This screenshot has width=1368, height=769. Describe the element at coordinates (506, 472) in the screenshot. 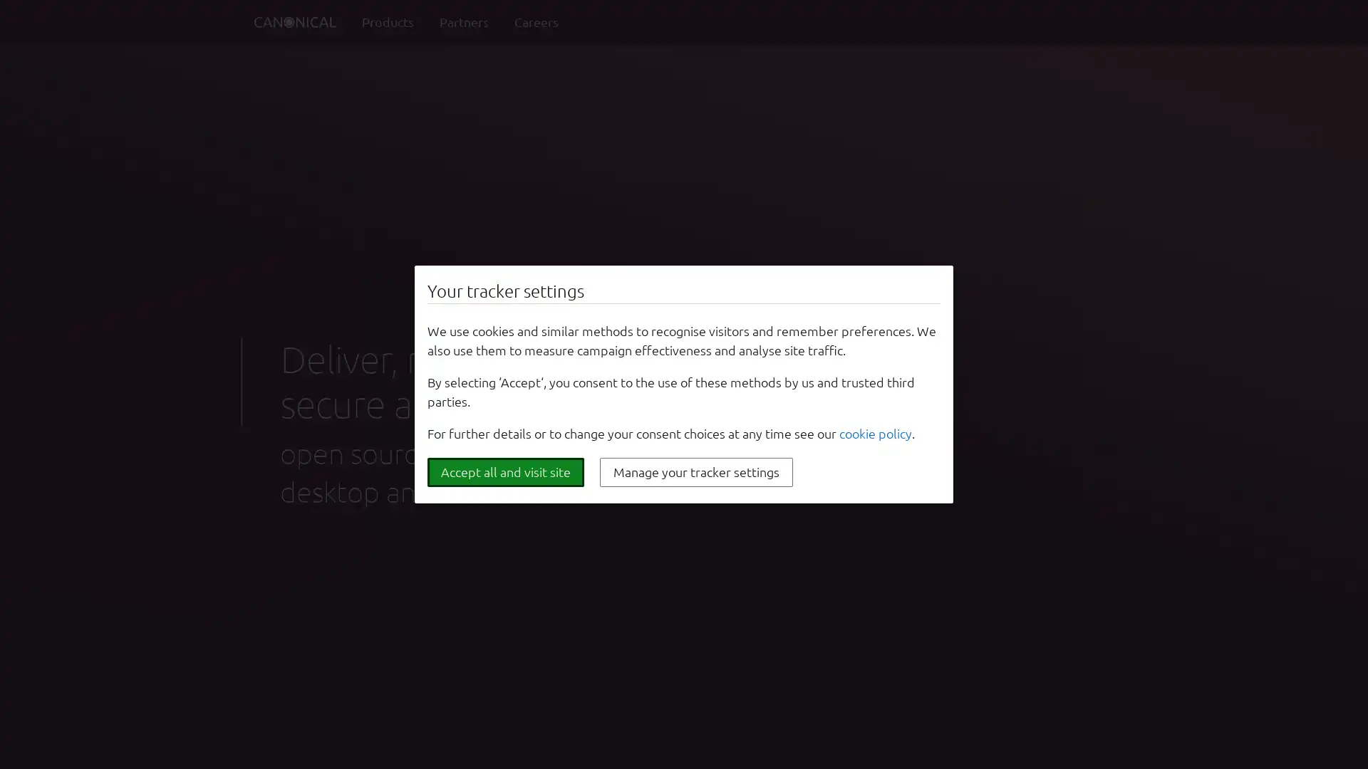

I see `Accept all and visit site` at that location.